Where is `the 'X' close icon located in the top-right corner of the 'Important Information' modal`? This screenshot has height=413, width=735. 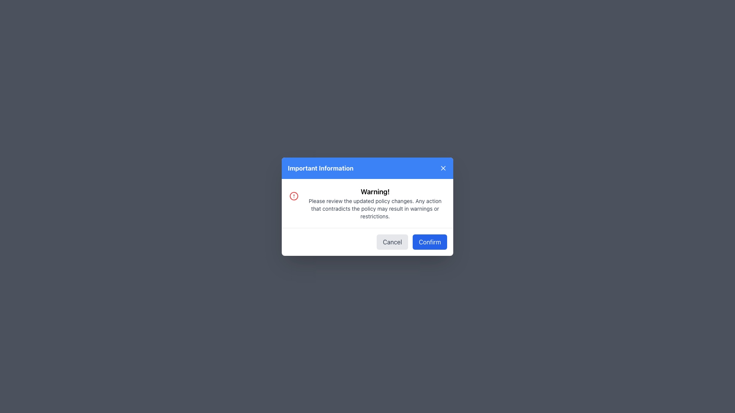
the 'X' close icon located in the top-right corner of the 'Important Information' modal is located at coordinates (443, 167).